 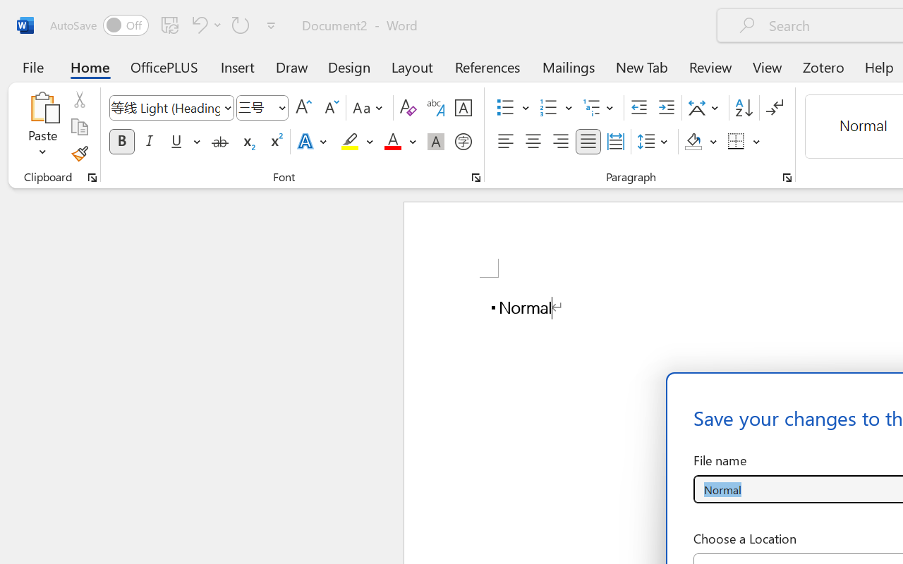 I want to click on 'Align Left', so click(x=505, y=142).